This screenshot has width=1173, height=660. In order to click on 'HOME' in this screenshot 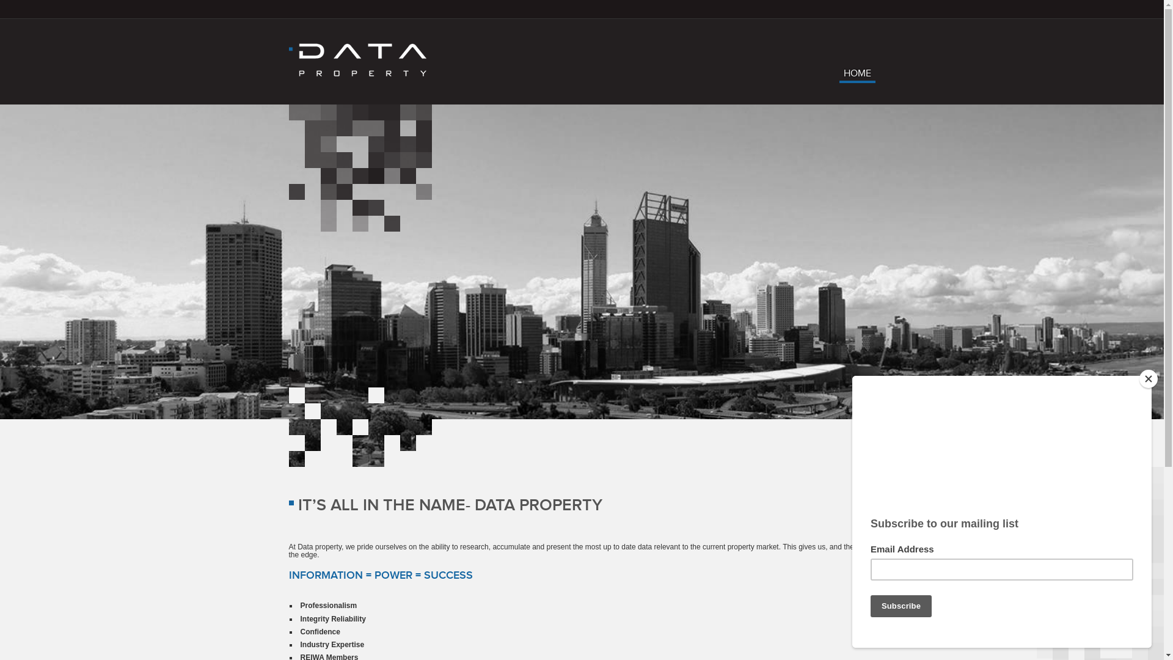, I will do `click(838, 76)`.